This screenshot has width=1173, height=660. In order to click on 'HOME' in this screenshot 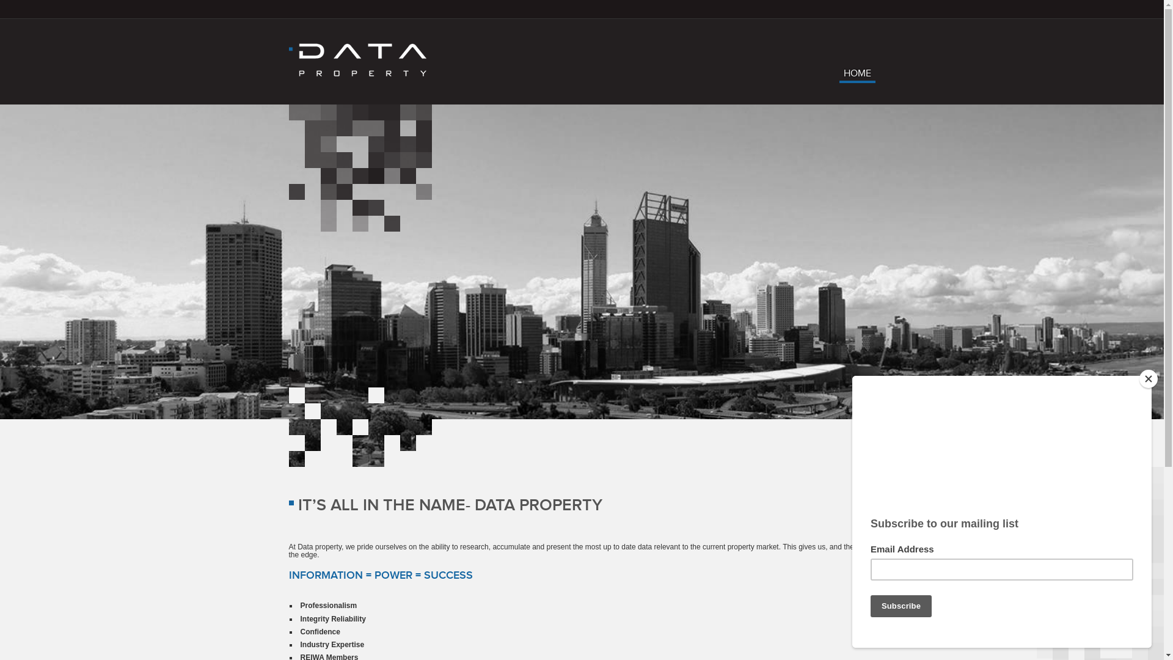, I will do `click(838, 76)`.